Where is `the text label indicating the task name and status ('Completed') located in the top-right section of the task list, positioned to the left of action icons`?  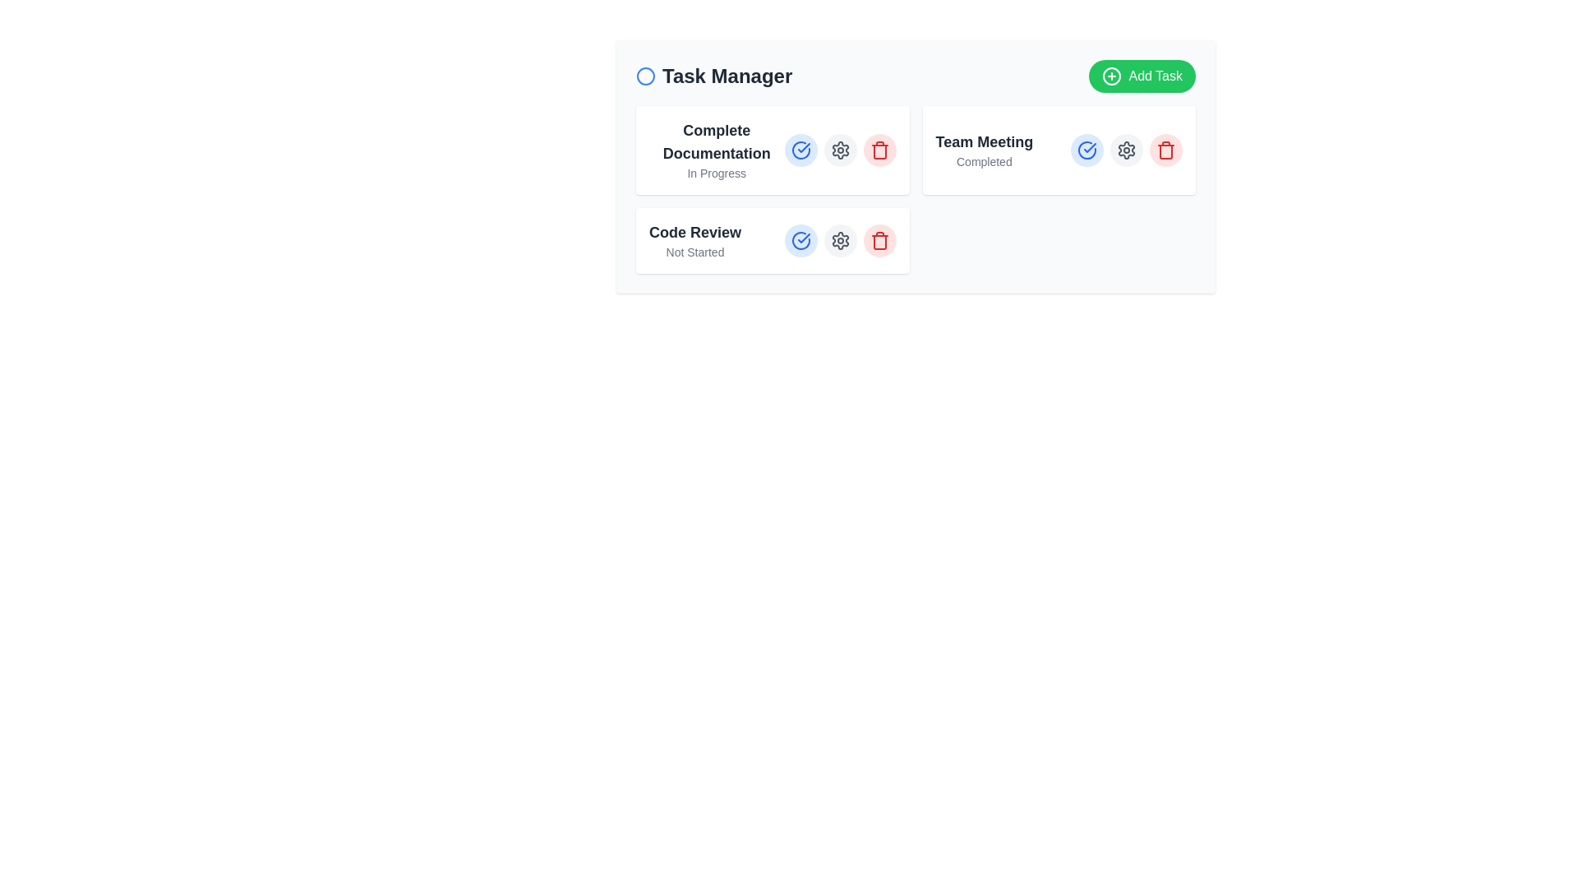 the text label indicating the task name and status ('Completed') located in the top-right section of the task list, positioned to the left of action icons is located at coordinates (984, 150).